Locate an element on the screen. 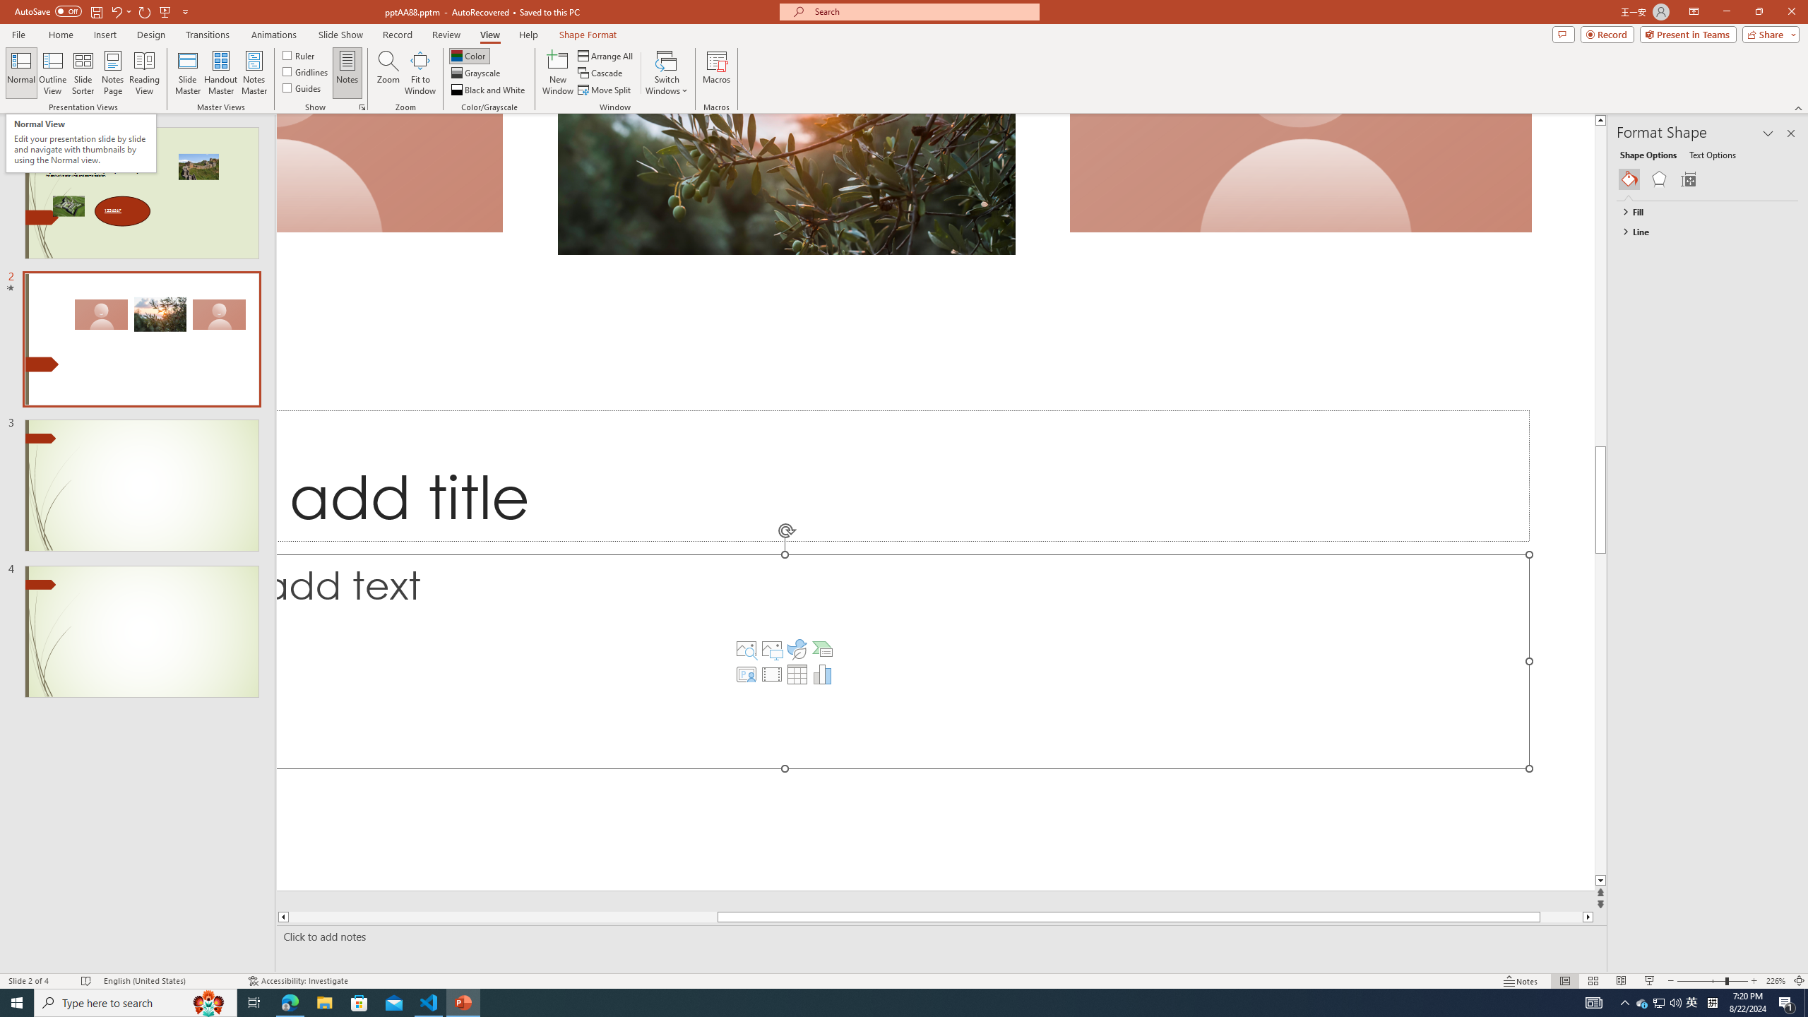  'Insert Cameo' is located at coordinates (746, 673).